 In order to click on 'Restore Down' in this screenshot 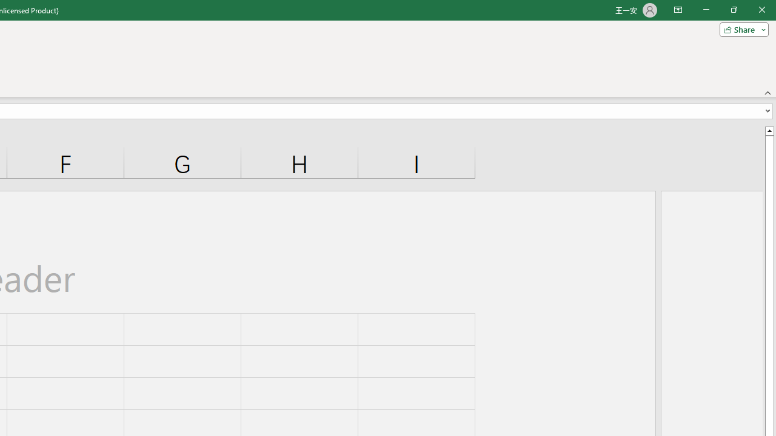, I will do `click(733, 10)`.